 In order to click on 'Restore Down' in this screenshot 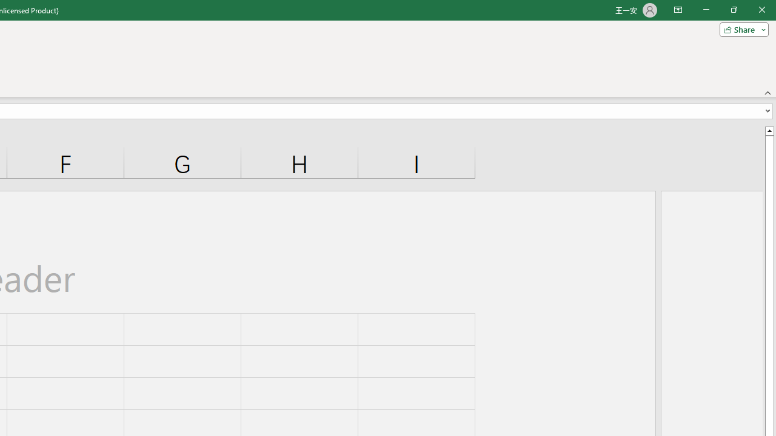, I will do `click(733, 10)`.